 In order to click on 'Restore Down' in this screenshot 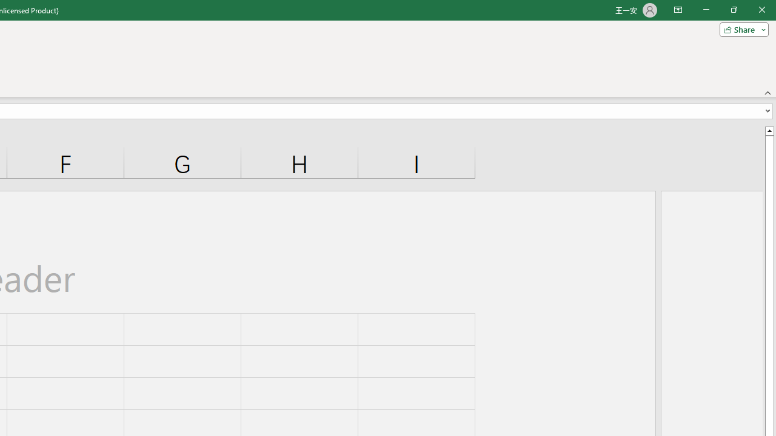, I will do `click(733, 10)`.